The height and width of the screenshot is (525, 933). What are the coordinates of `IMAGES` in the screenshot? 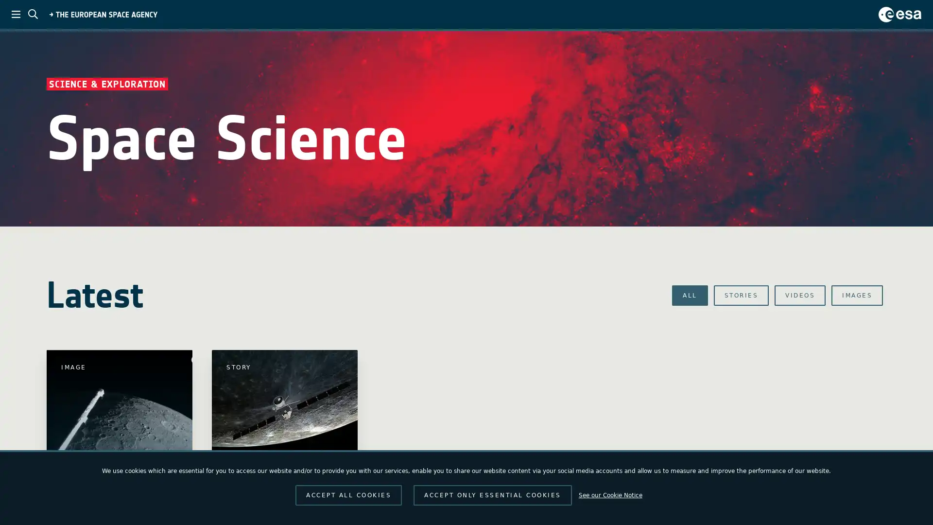 It's located at (857, 294).